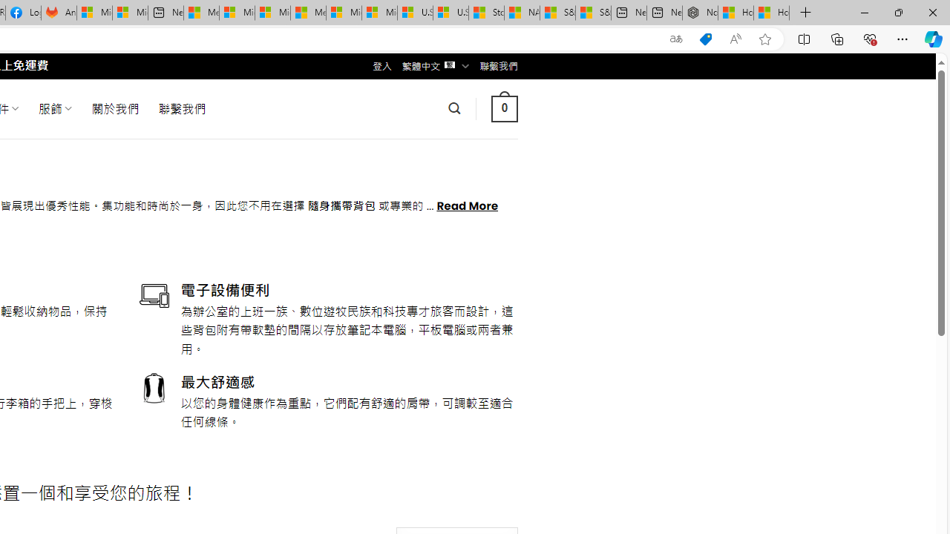  Describe the element at coordinates (466, 205) in the screenshot. I see `'Read More'` at that location.